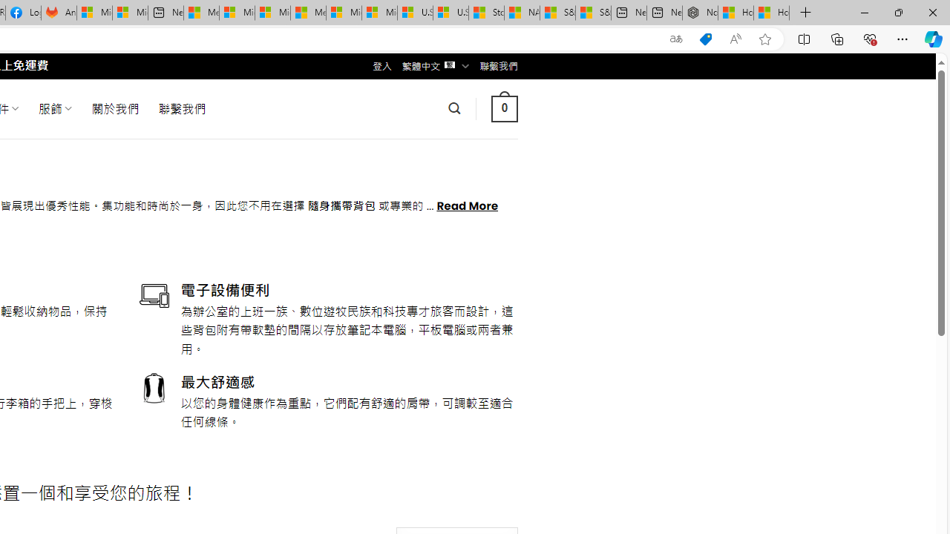  Describe the element at coordinates (466, 205) in the screenshot. I see `'Read More'` at that location.